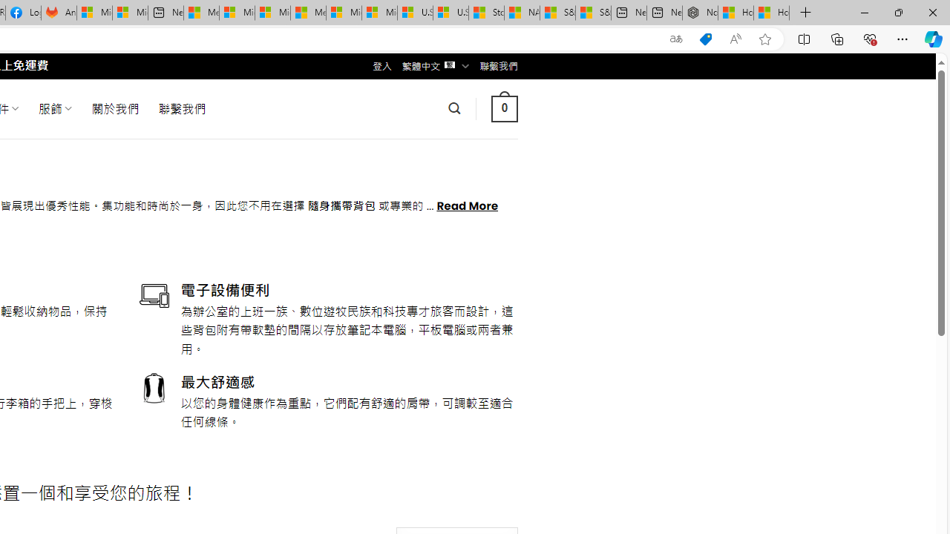  Describe the element at coordinates (466, 205) in the screenshot. I see `'Read More'` at that location.